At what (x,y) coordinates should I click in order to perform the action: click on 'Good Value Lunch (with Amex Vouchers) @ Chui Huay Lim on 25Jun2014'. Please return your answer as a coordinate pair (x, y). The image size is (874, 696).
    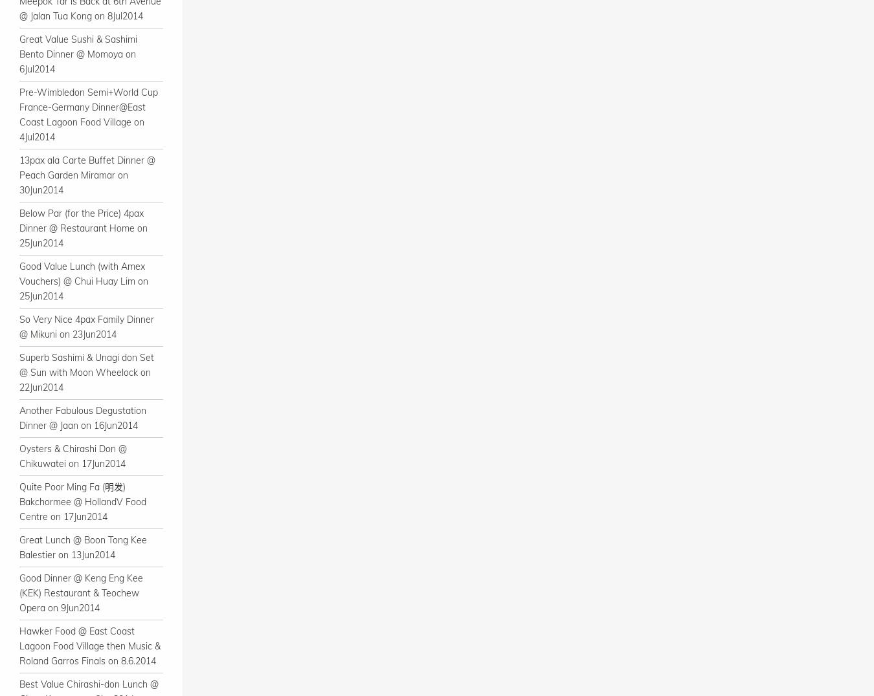
    Looking at the image, I should click on (84, 281).